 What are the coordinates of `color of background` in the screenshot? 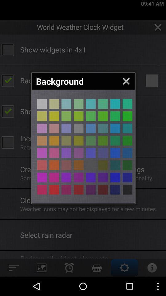 It's located at (103, 128).